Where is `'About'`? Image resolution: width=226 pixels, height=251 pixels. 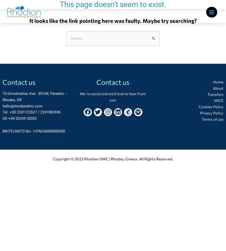
'About' is located at coordinates (218, 88).